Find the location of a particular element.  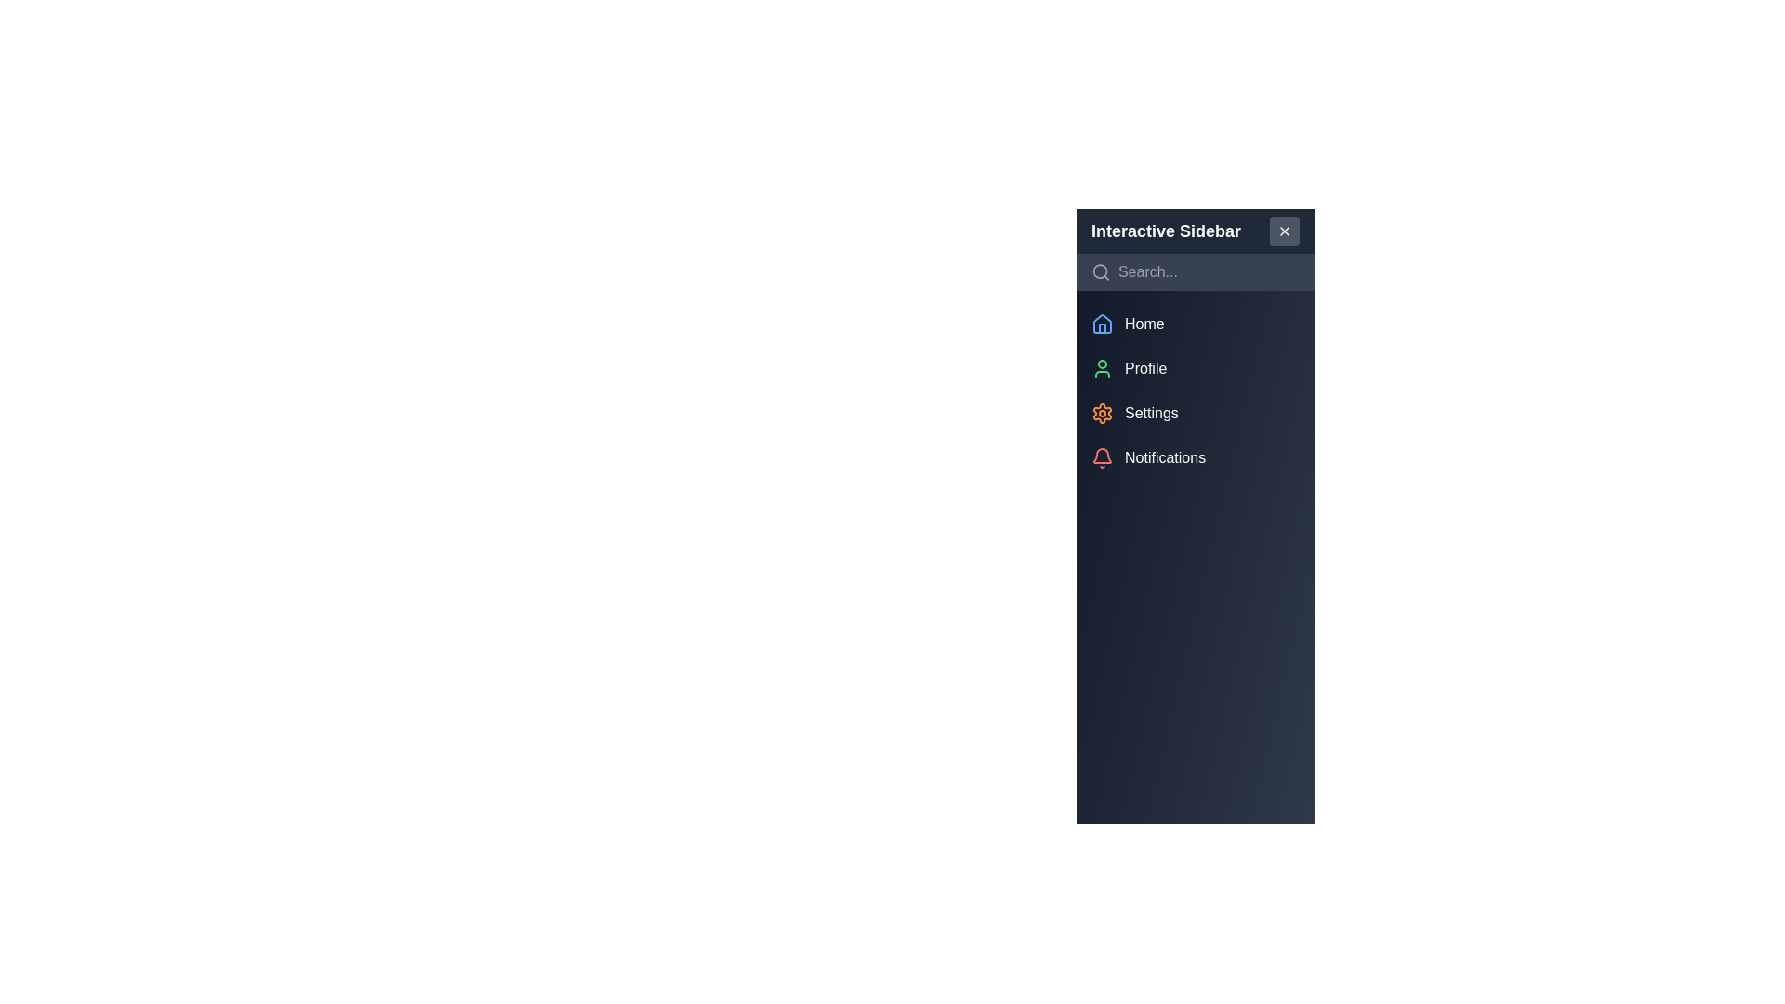

the search icon located in the horizontal top bar of the sidebar, which serves as a visual indicator for the search functionality is located at coordinates (1101, 272).